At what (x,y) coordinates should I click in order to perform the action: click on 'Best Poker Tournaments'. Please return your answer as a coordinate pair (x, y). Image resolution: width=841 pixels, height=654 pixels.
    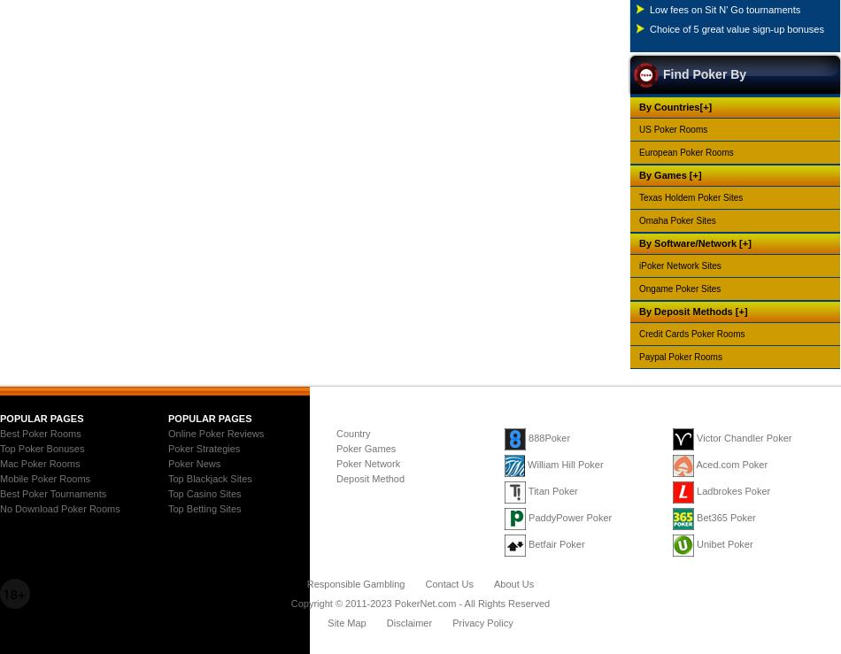
    Looking at the image, I should click on (53, 491).